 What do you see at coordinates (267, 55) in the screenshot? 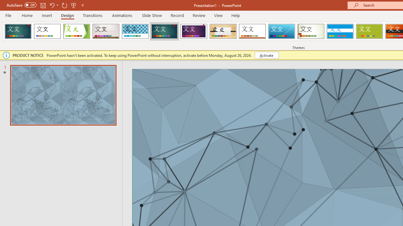
I see `'Activate'` at bounding box center [267, 55].